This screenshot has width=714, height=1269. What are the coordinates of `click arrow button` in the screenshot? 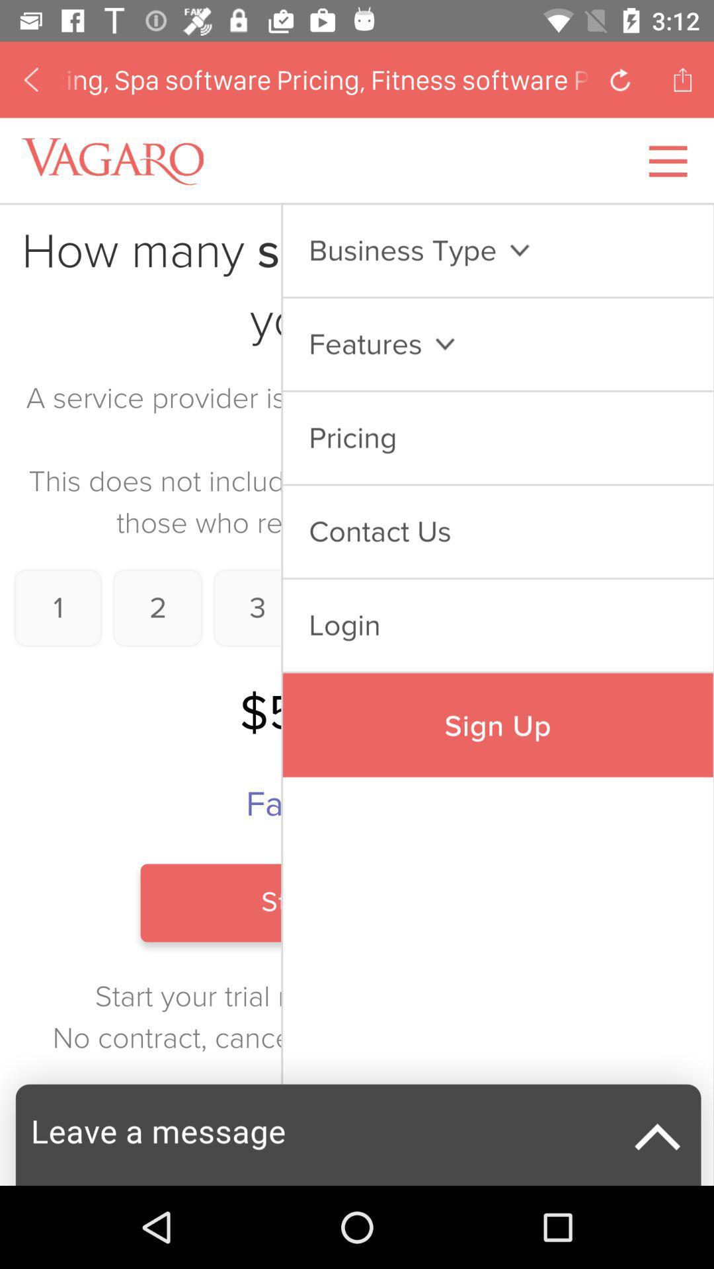 It's located at (620, 79).